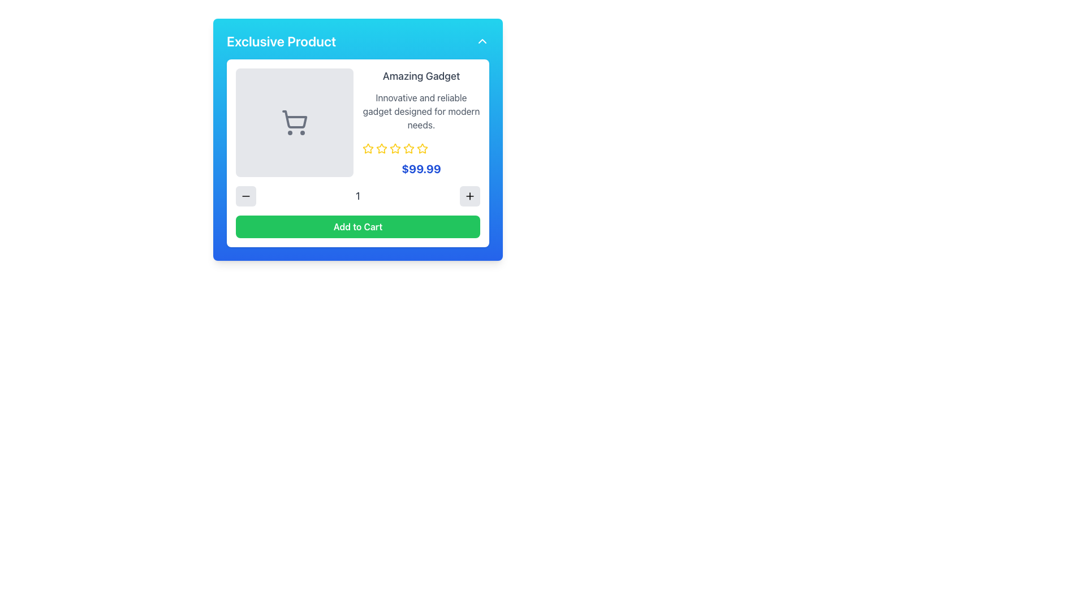 The width and height of the screenshot is (1086, 611). Describe the element at coordinates (420, 76) in the screenshot. I see `the text component displaying 'Amazing Gadget', which is styled in a grayish tone and positioned near the top of the product detail card` at that location.